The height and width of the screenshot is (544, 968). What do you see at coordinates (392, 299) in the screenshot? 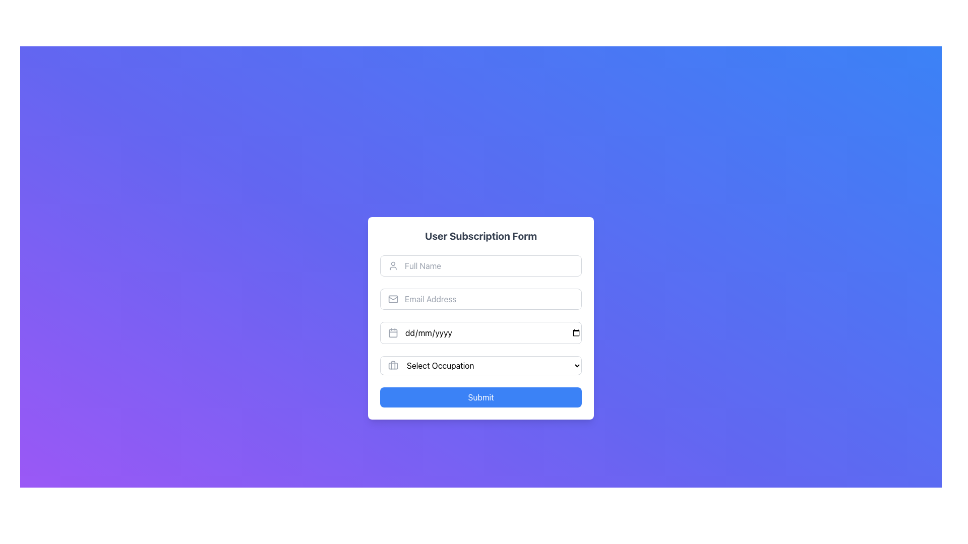
I see `the email address icon located to the left of the 'Email Address' input field within the subscription form` at bounding box center [392, 299].